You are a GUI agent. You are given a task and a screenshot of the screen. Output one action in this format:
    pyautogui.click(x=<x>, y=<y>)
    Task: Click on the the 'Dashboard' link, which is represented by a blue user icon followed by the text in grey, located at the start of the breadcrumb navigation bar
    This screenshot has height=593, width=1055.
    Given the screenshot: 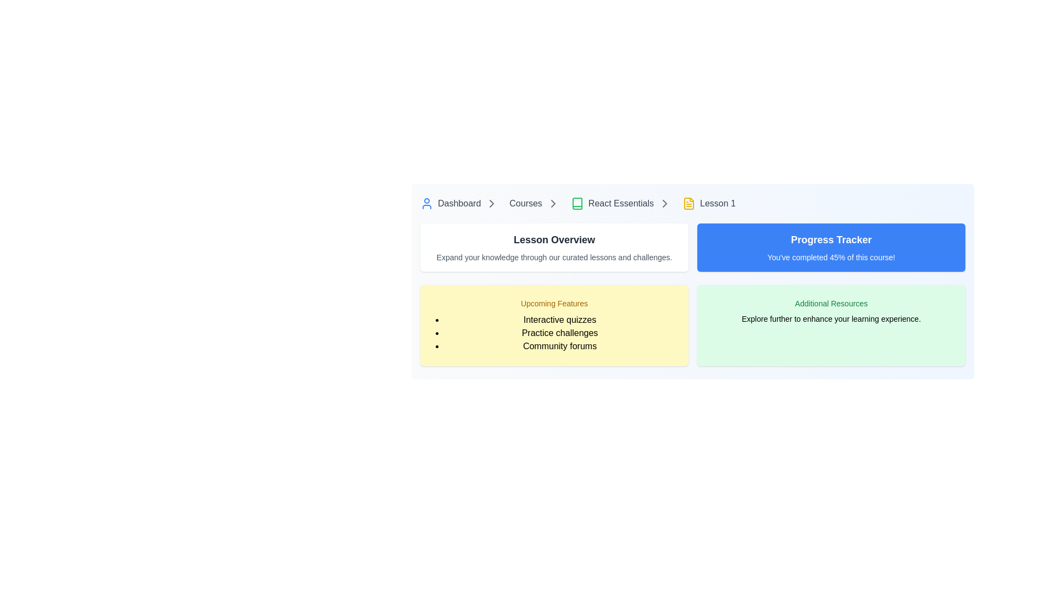 What is the action you would take?
    pyautogui.click(x=462, y=203)
    